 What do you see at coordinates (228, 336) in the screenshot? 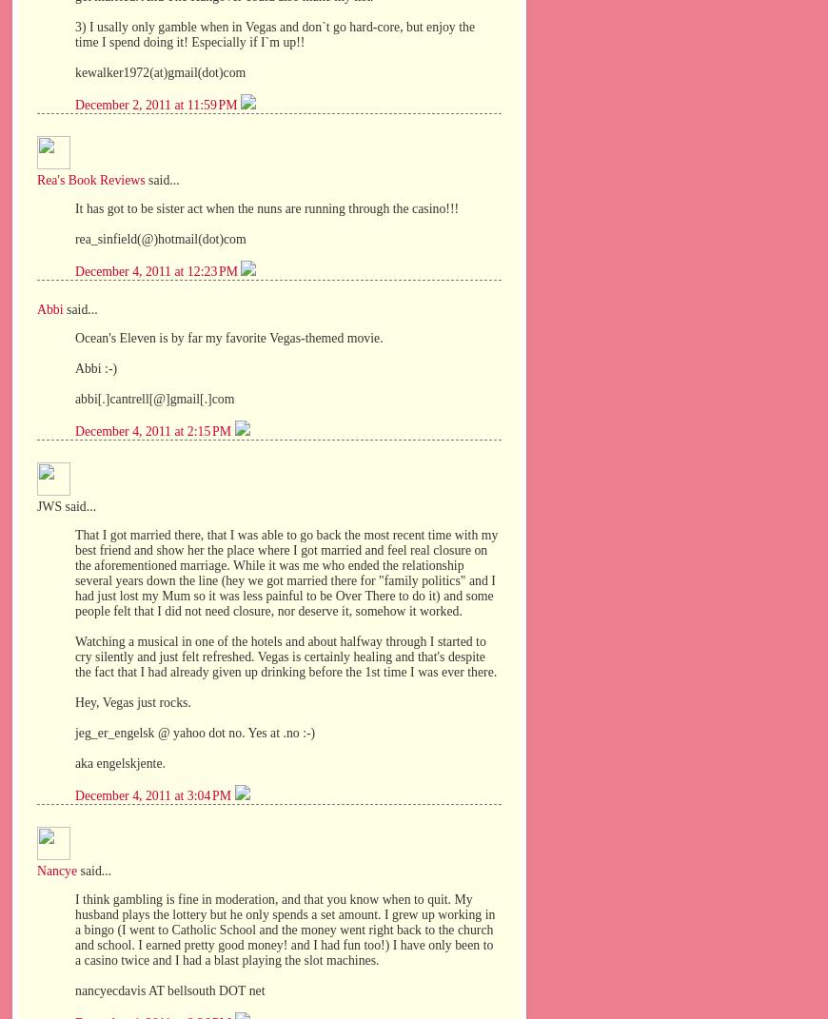
I see `'Ocean's Eleven is by far my favorite Vegas-themed movie.'` at bounding box center [228, 336].